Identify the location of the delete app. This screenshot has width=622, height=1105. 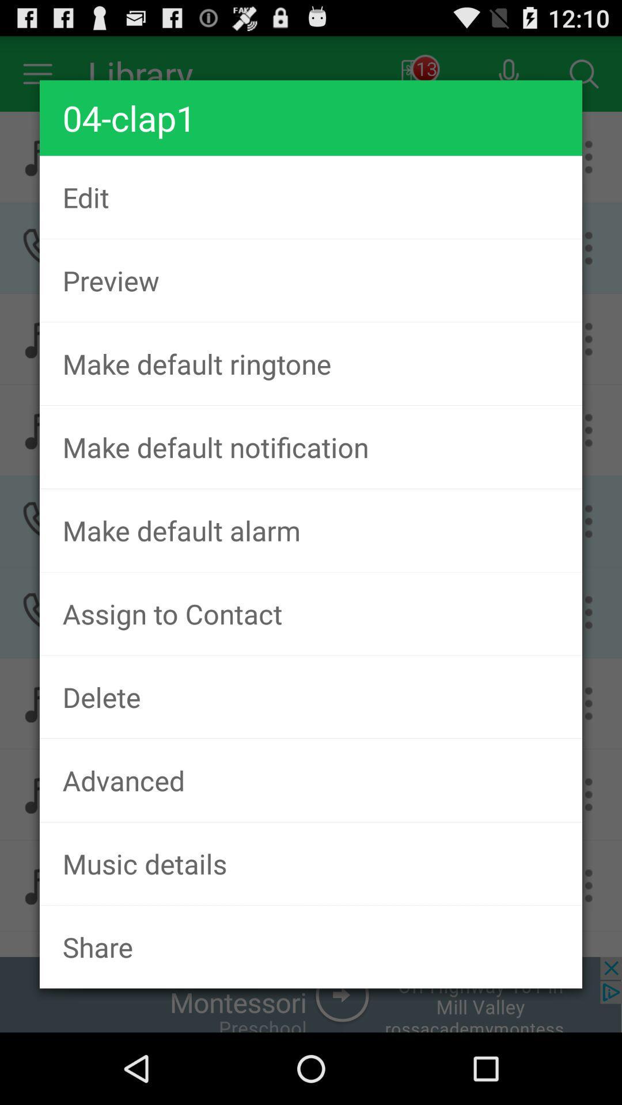
(311, 696).